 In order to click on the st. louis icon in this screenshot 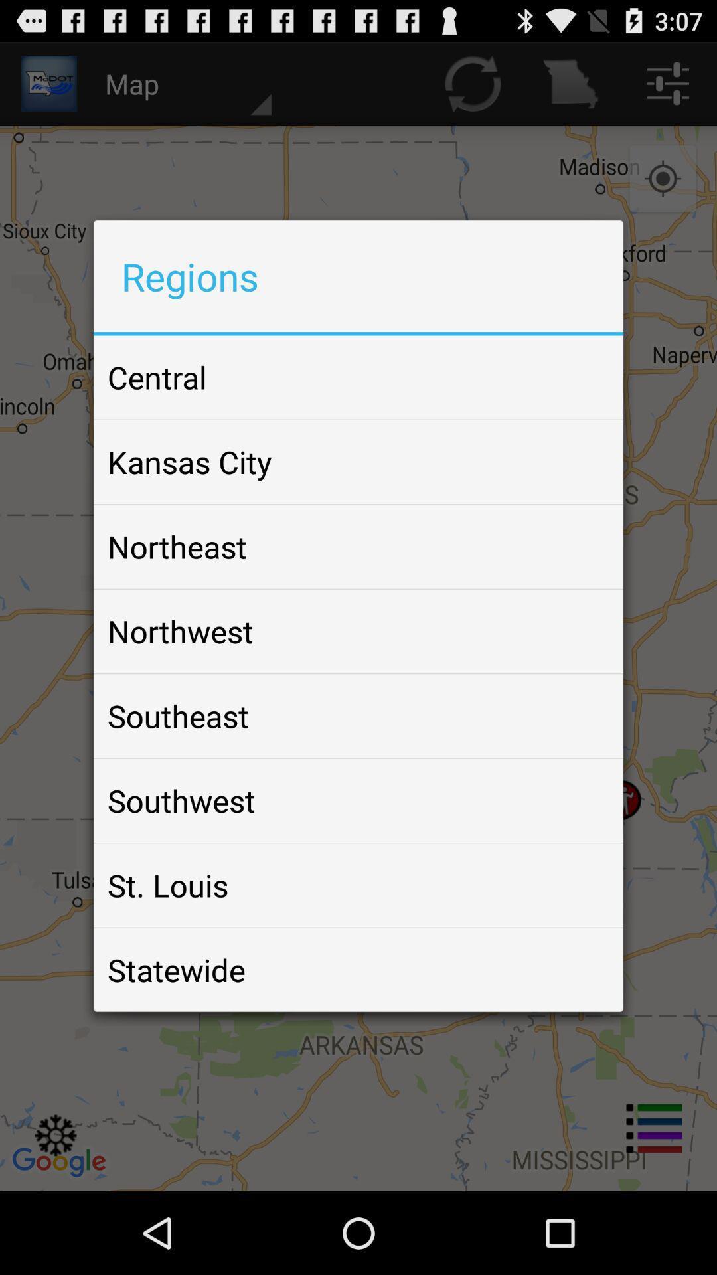, I will do `click(167, 885)`.